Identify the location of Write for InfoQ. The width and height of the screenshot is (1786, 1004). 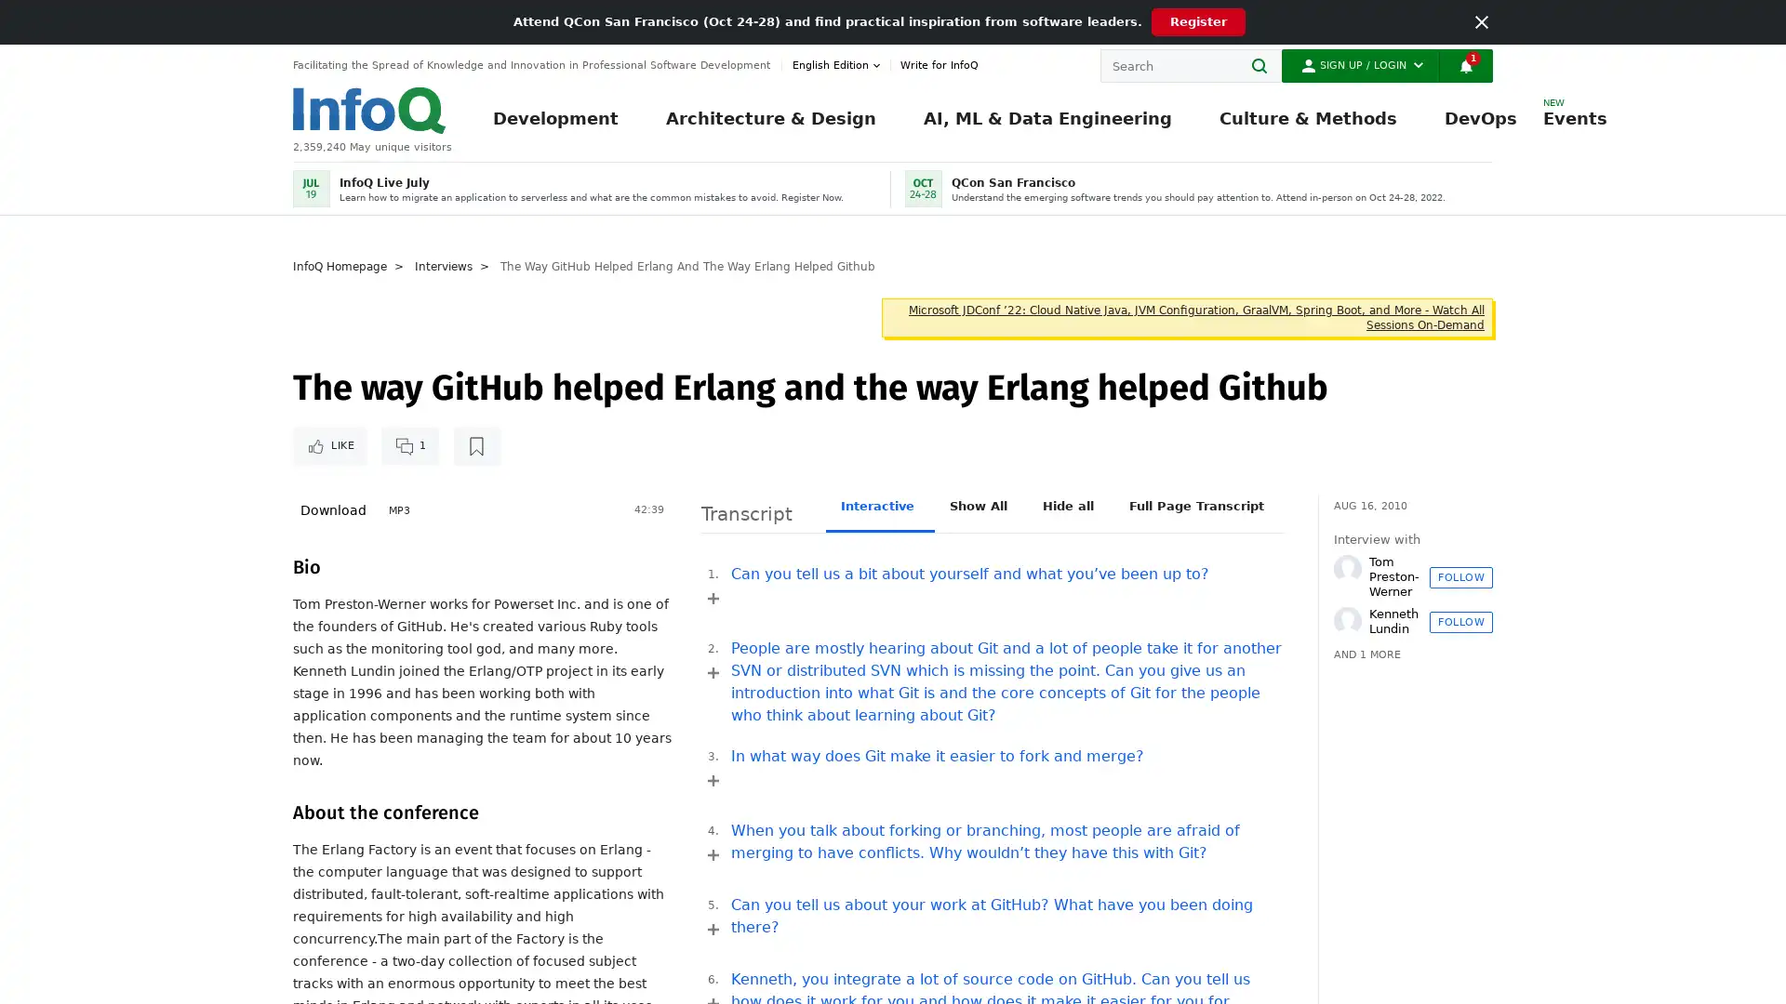
(934, 64).